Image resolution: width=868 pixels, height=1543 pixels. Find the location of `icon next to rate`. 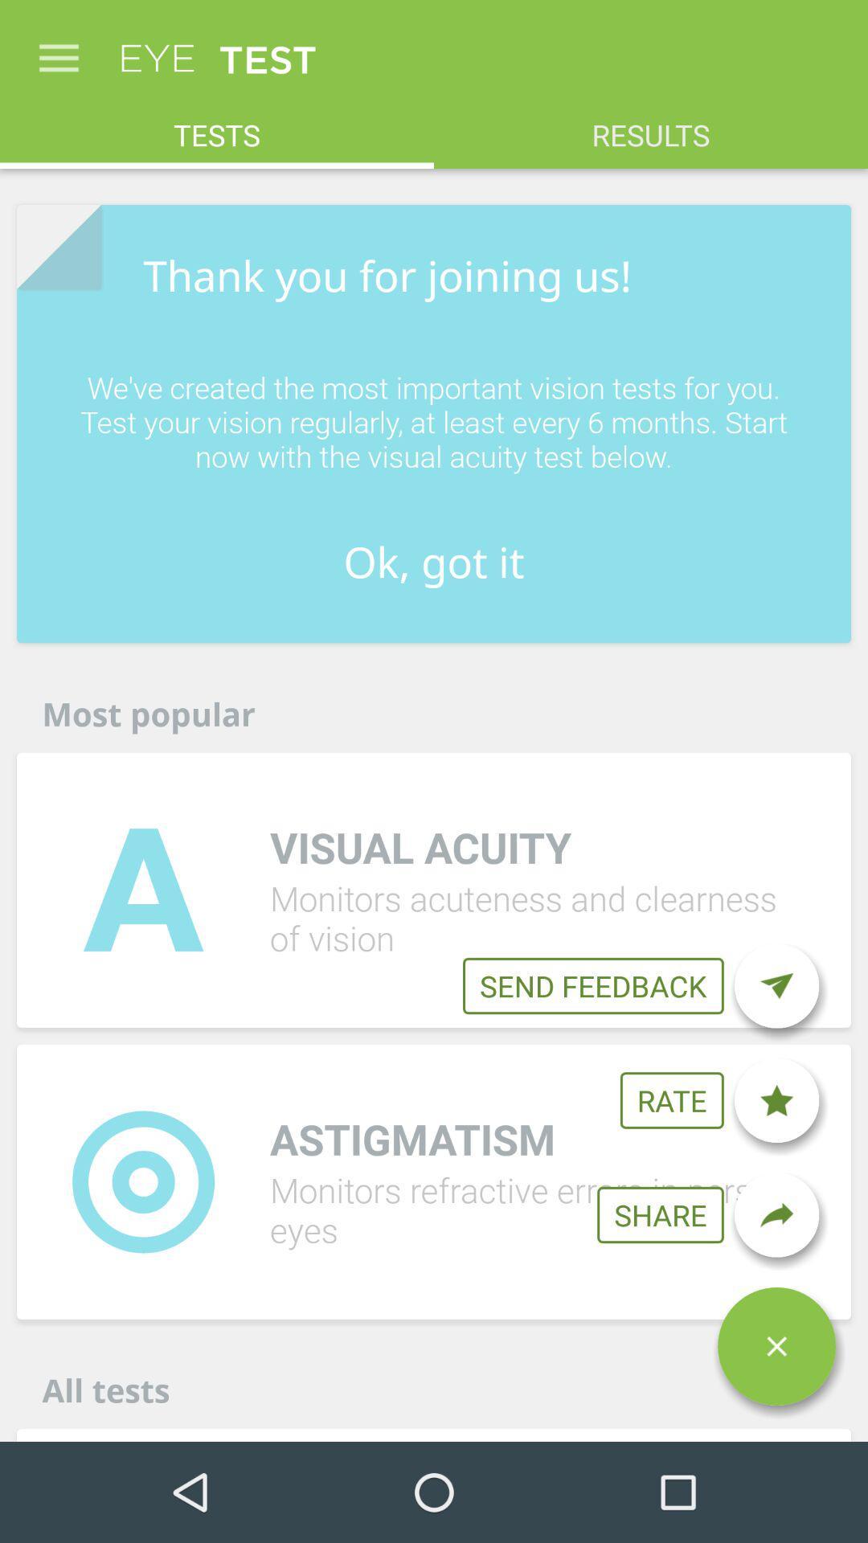

icon next to rate is located at coordinates (776, 1099).